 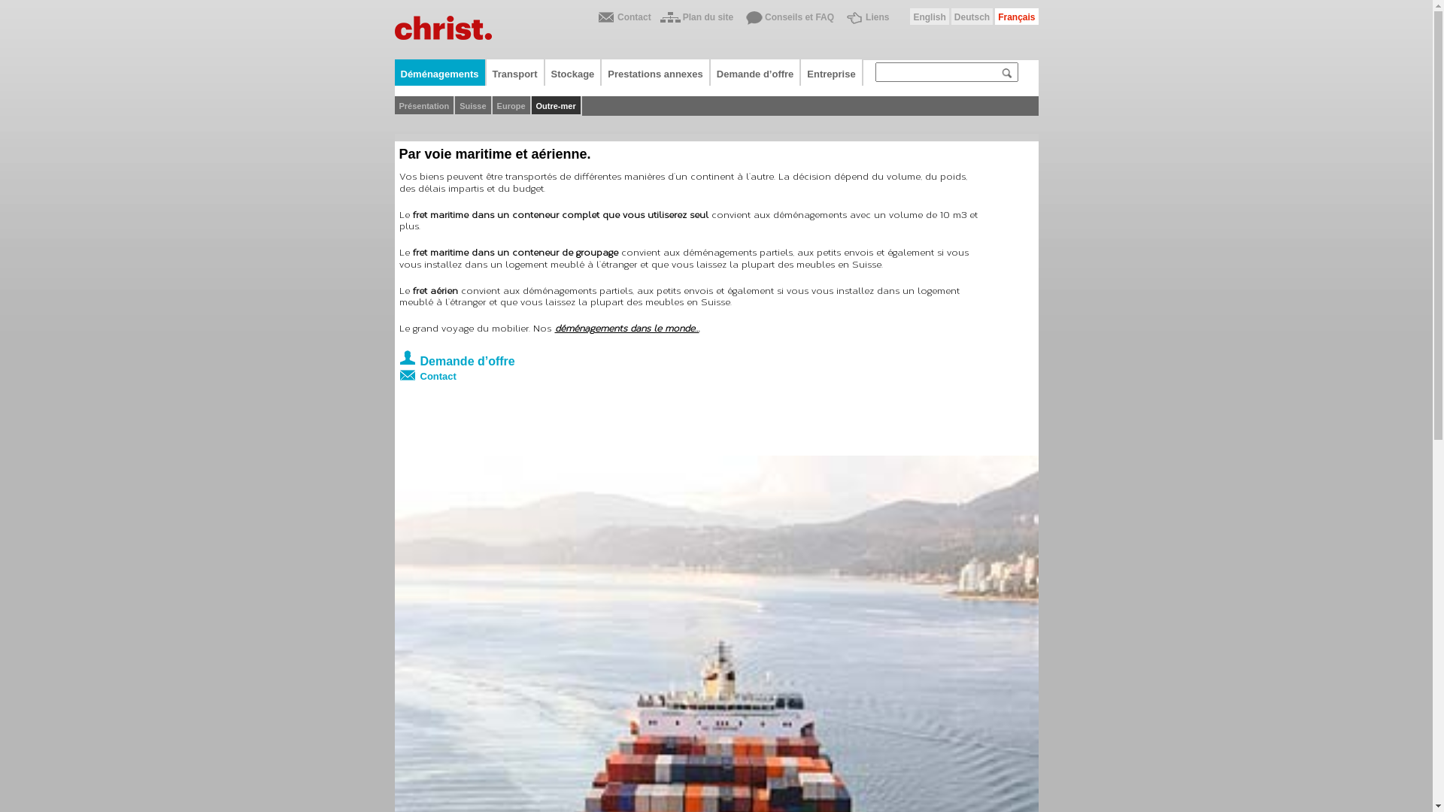 What do you see at coordinates (787, 20) in the screenshot?
I see `'Conseils et FAQ'` at bounding box center [787, 20].